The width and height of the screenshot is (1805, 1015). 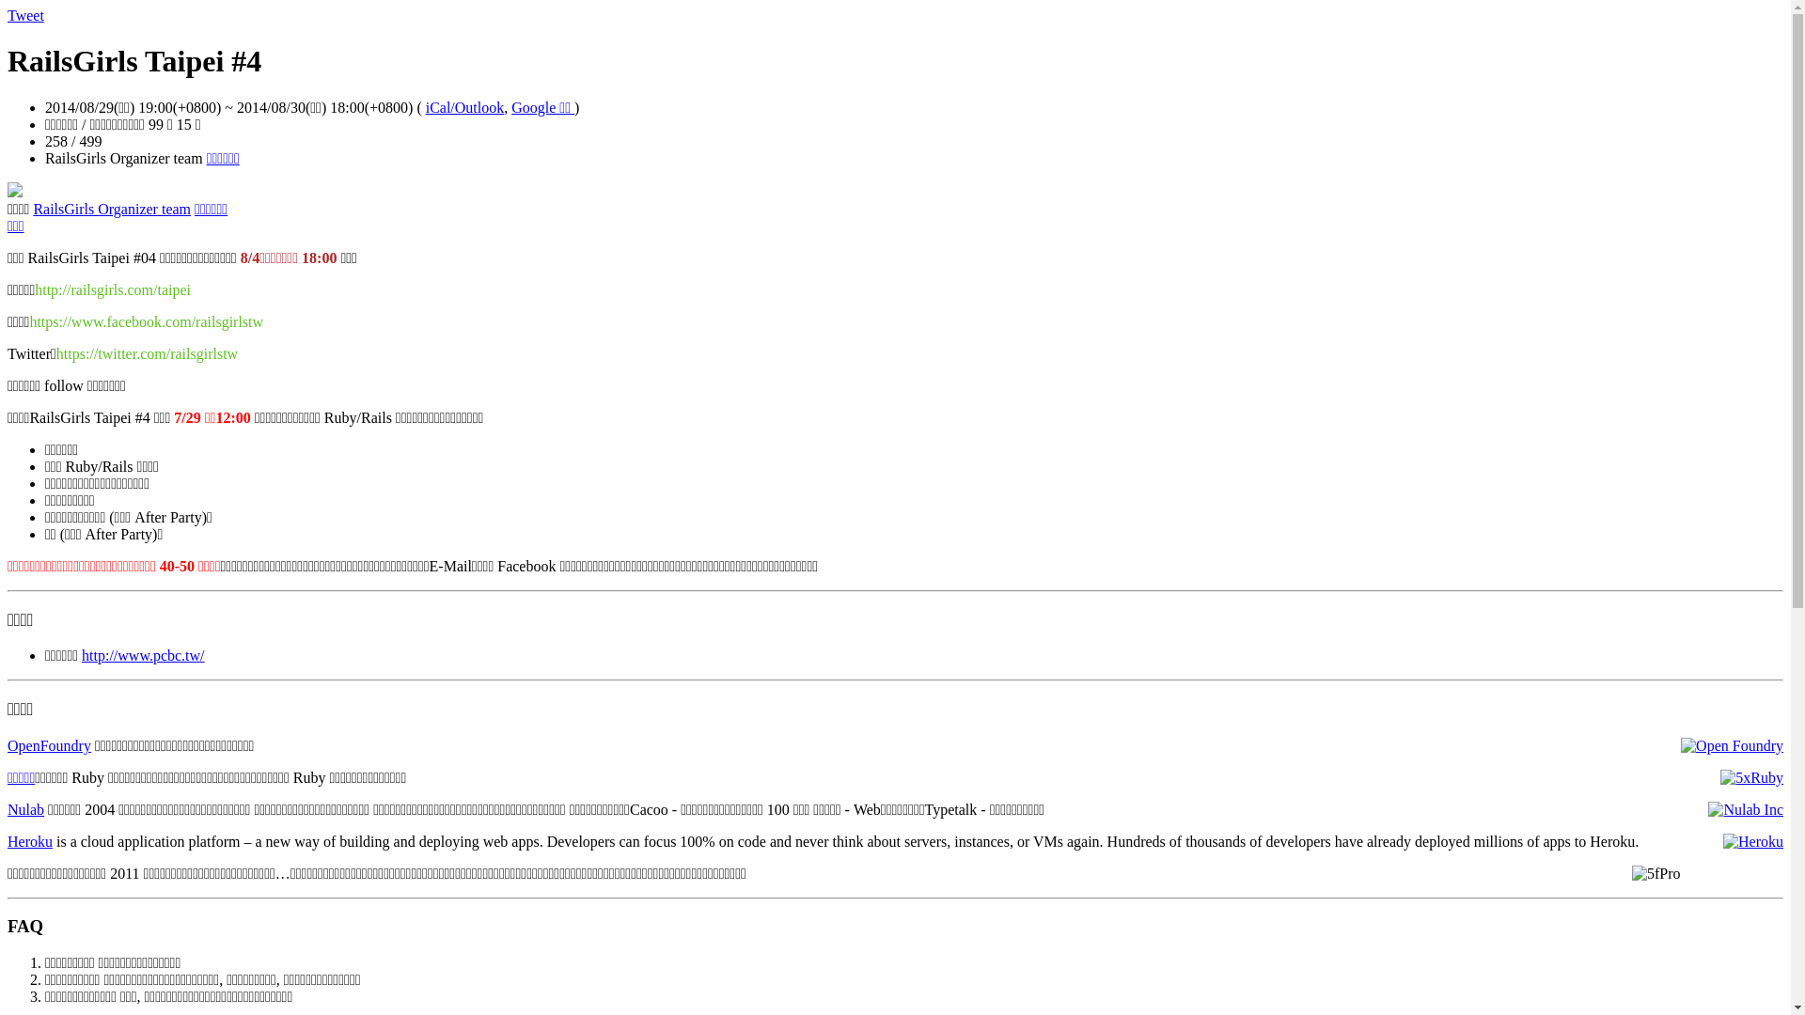 I want to click on 'iCal/Outlook', so click(x=464, y=107).